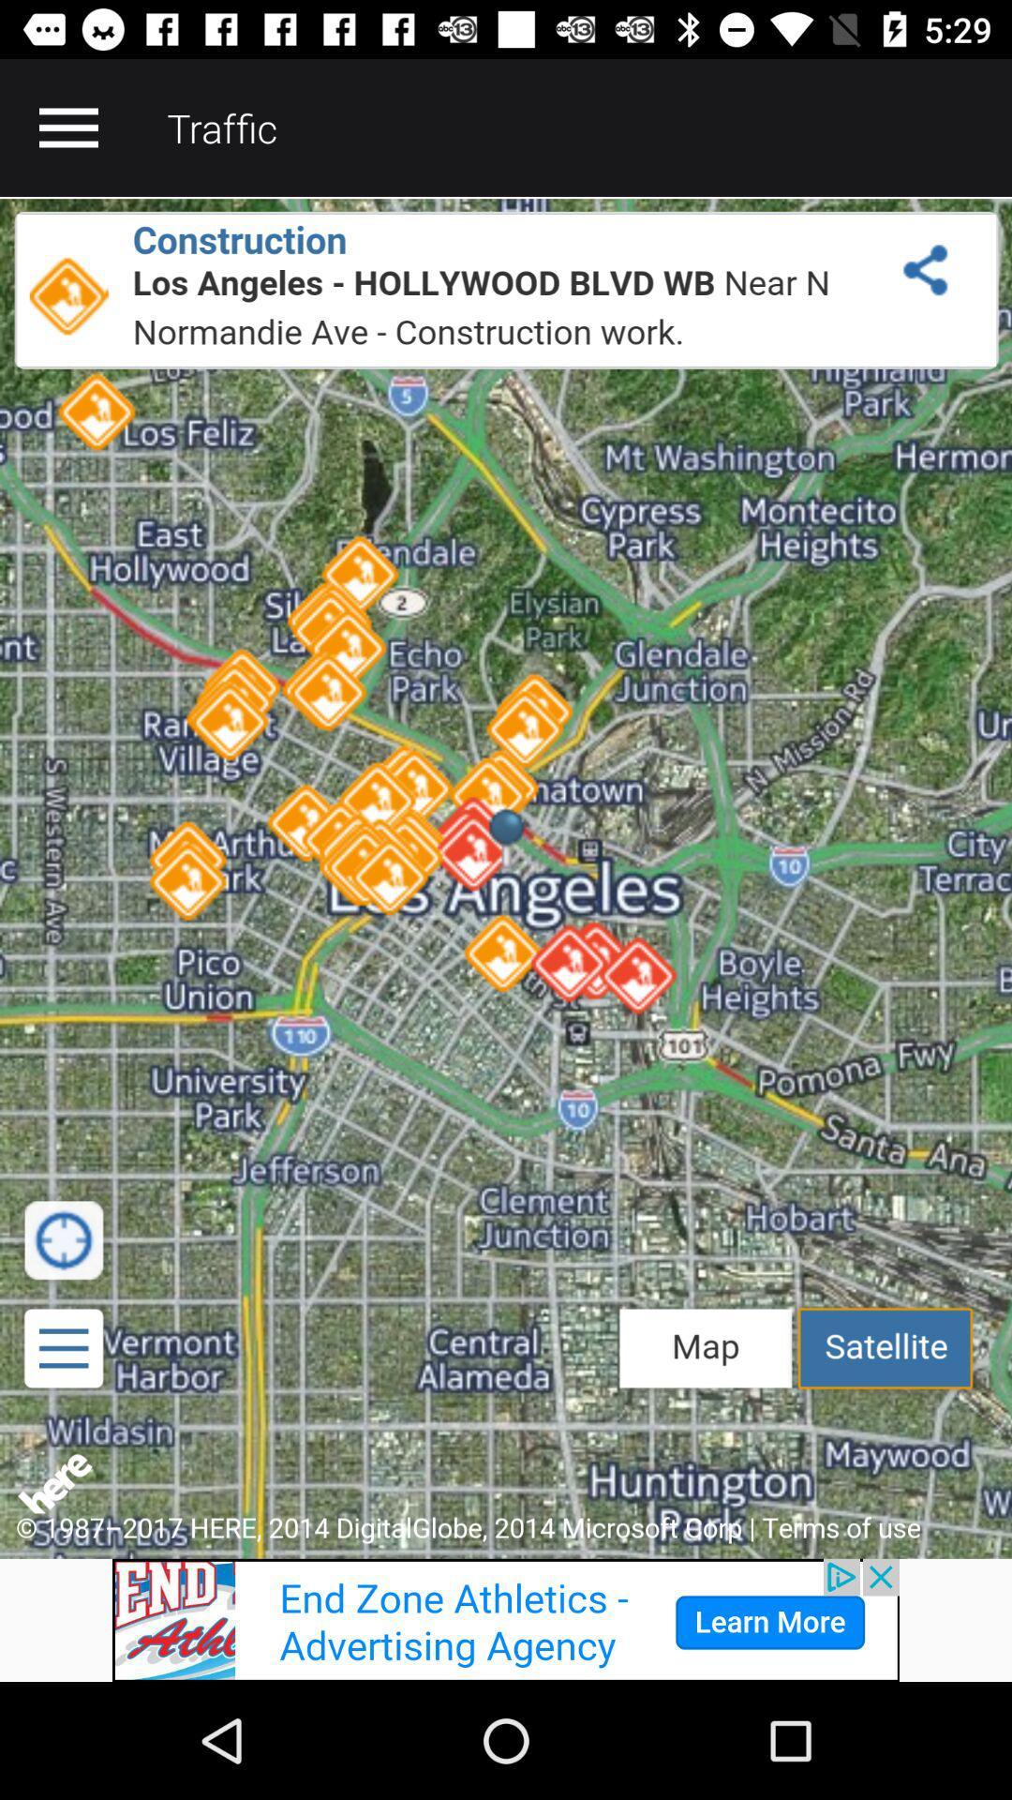  Describe the element at coordinates (506, 1619) in the screenshot. I see `advertisement` at that location.